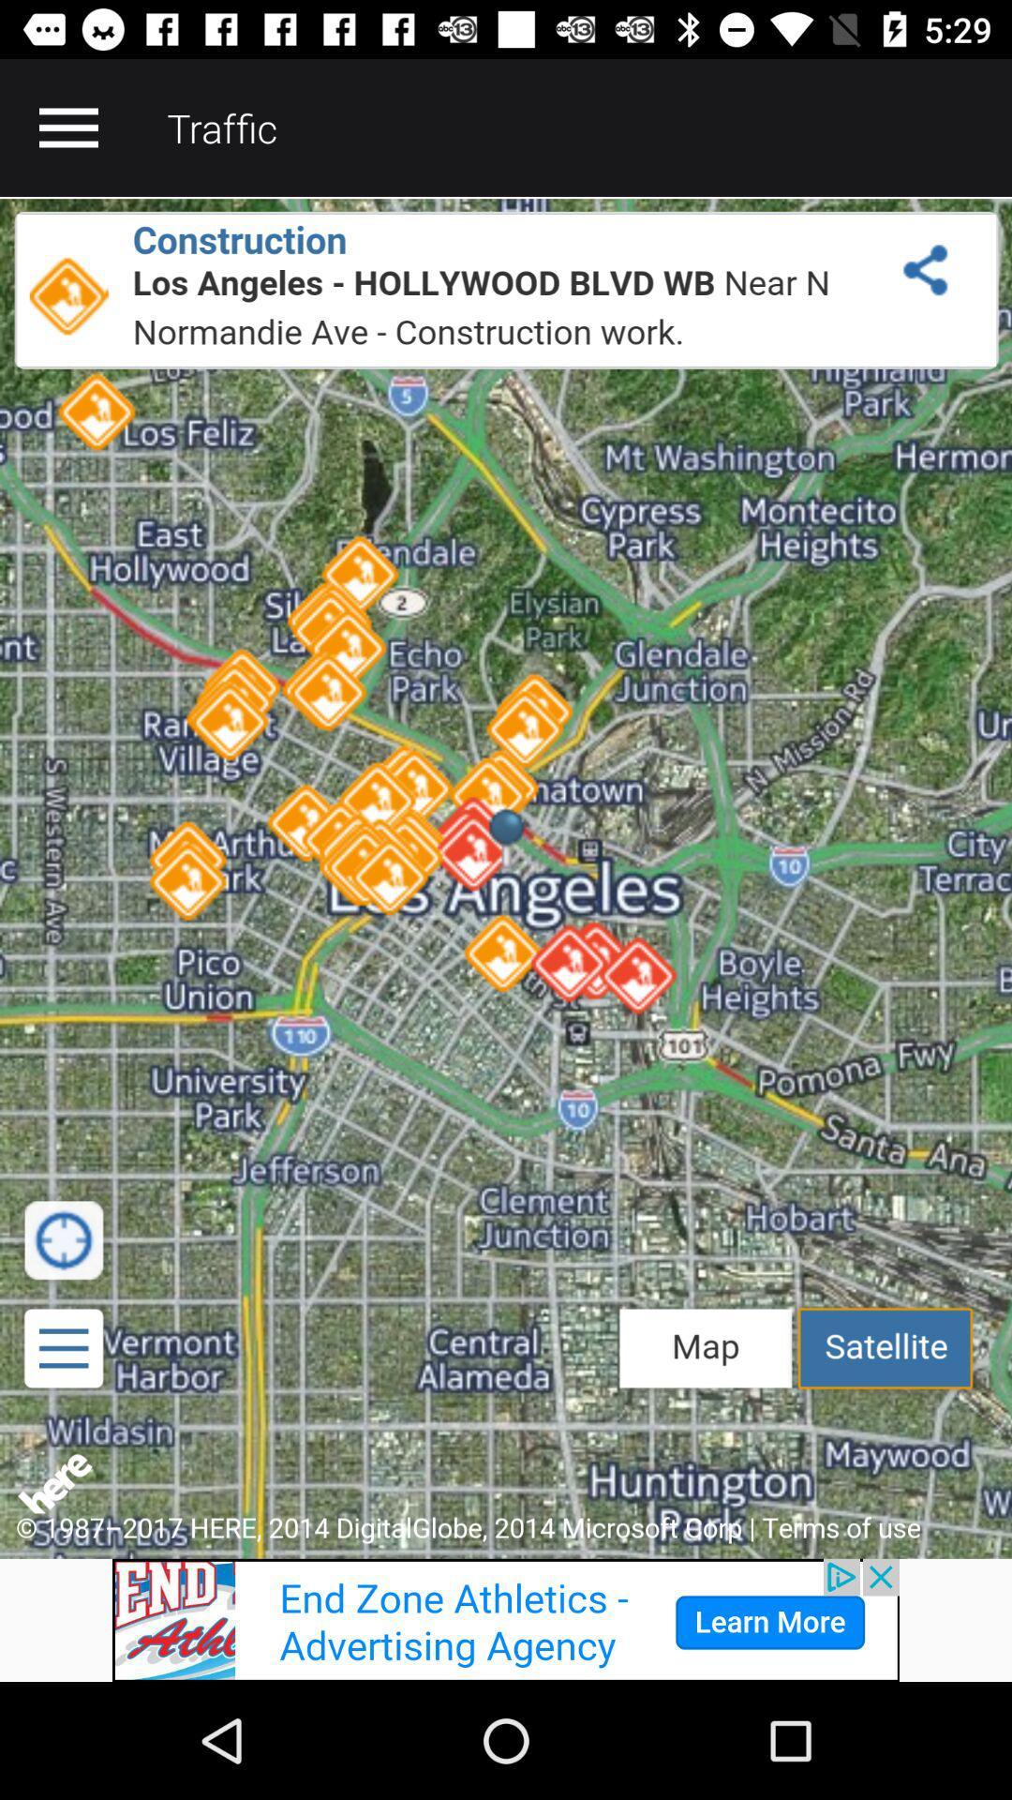  Describe the element at coordinates (506, 1619) in the screenshot. I see `advertisement` at that location.